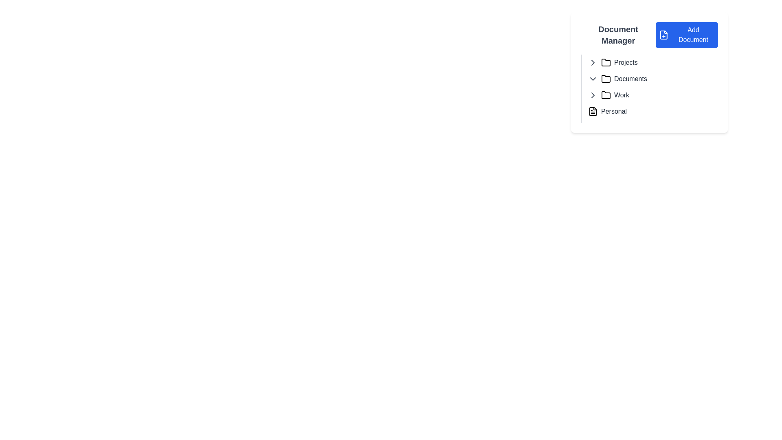  Describe the element at coordinates (593, 79) in the screenshot. I see `the inverted chevron-shaped dropdown indicator icon located before the label 'Documents' under the 'Document Manager' section` at that location.